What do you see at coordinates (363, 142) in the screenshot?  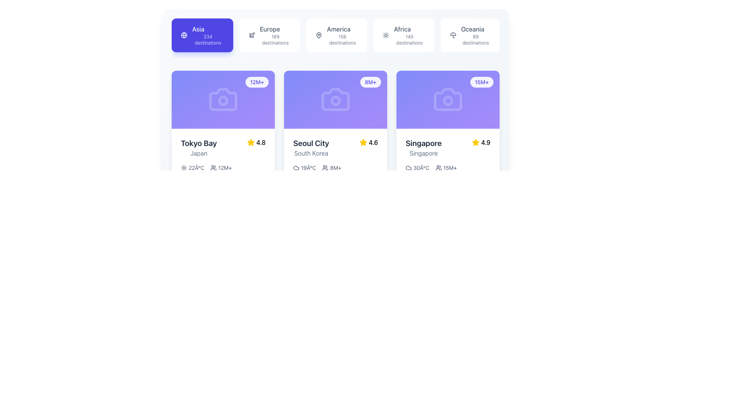 I see `the yellow star icon representing a rating or favorite indicator, located to the left of the numerical value '4.6' in the second card of destination cards` at bounding box center [363, 142].